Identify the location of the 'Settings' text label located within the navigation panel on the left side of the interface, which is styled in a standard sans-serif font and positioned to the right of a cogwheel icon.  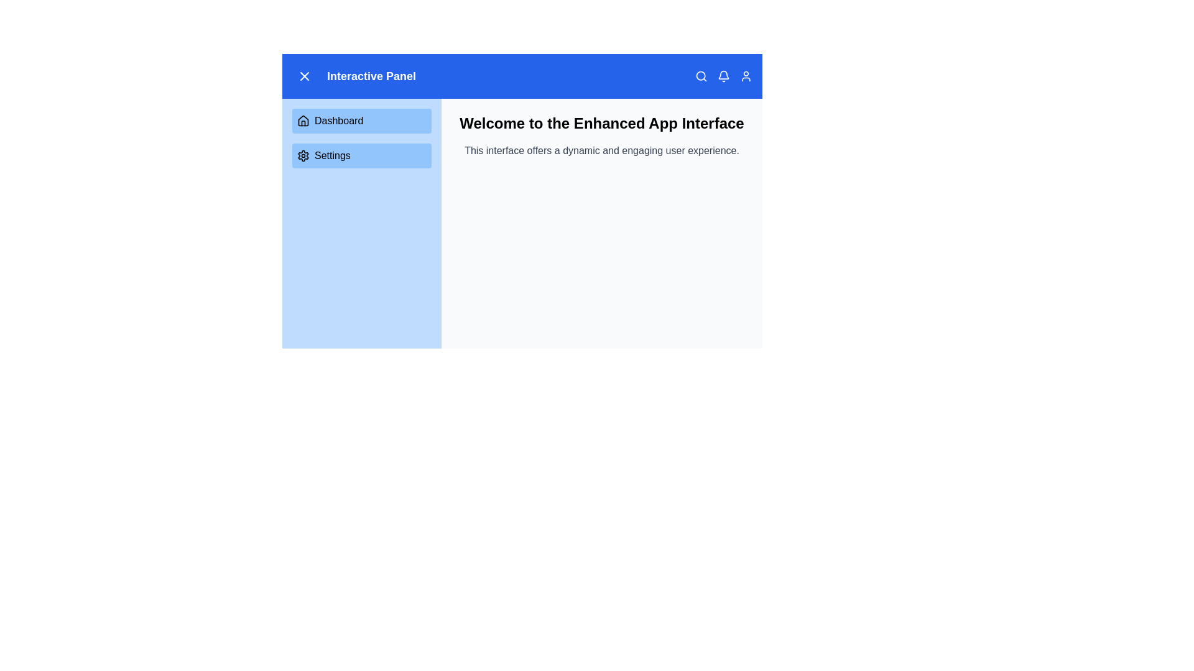
(332, 155).